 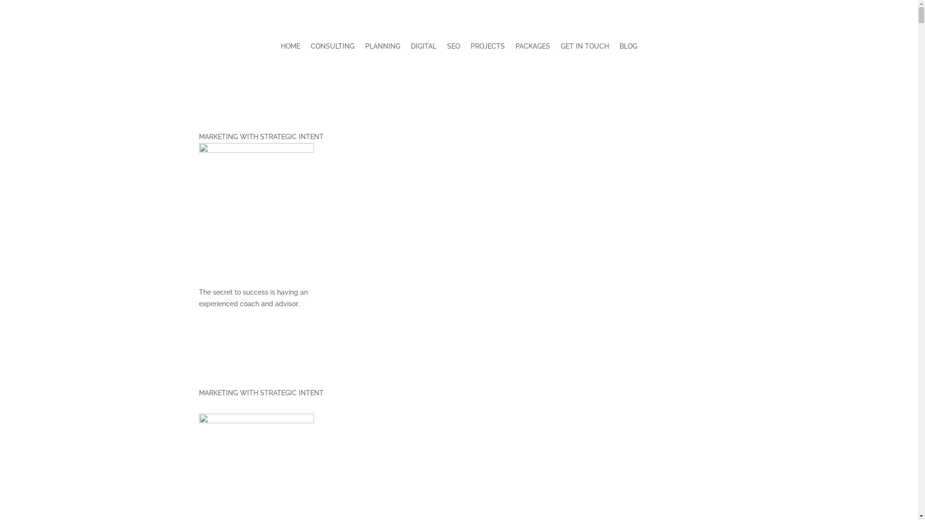 I want to click on 'PROJECTS', so click(x=487, y=48).